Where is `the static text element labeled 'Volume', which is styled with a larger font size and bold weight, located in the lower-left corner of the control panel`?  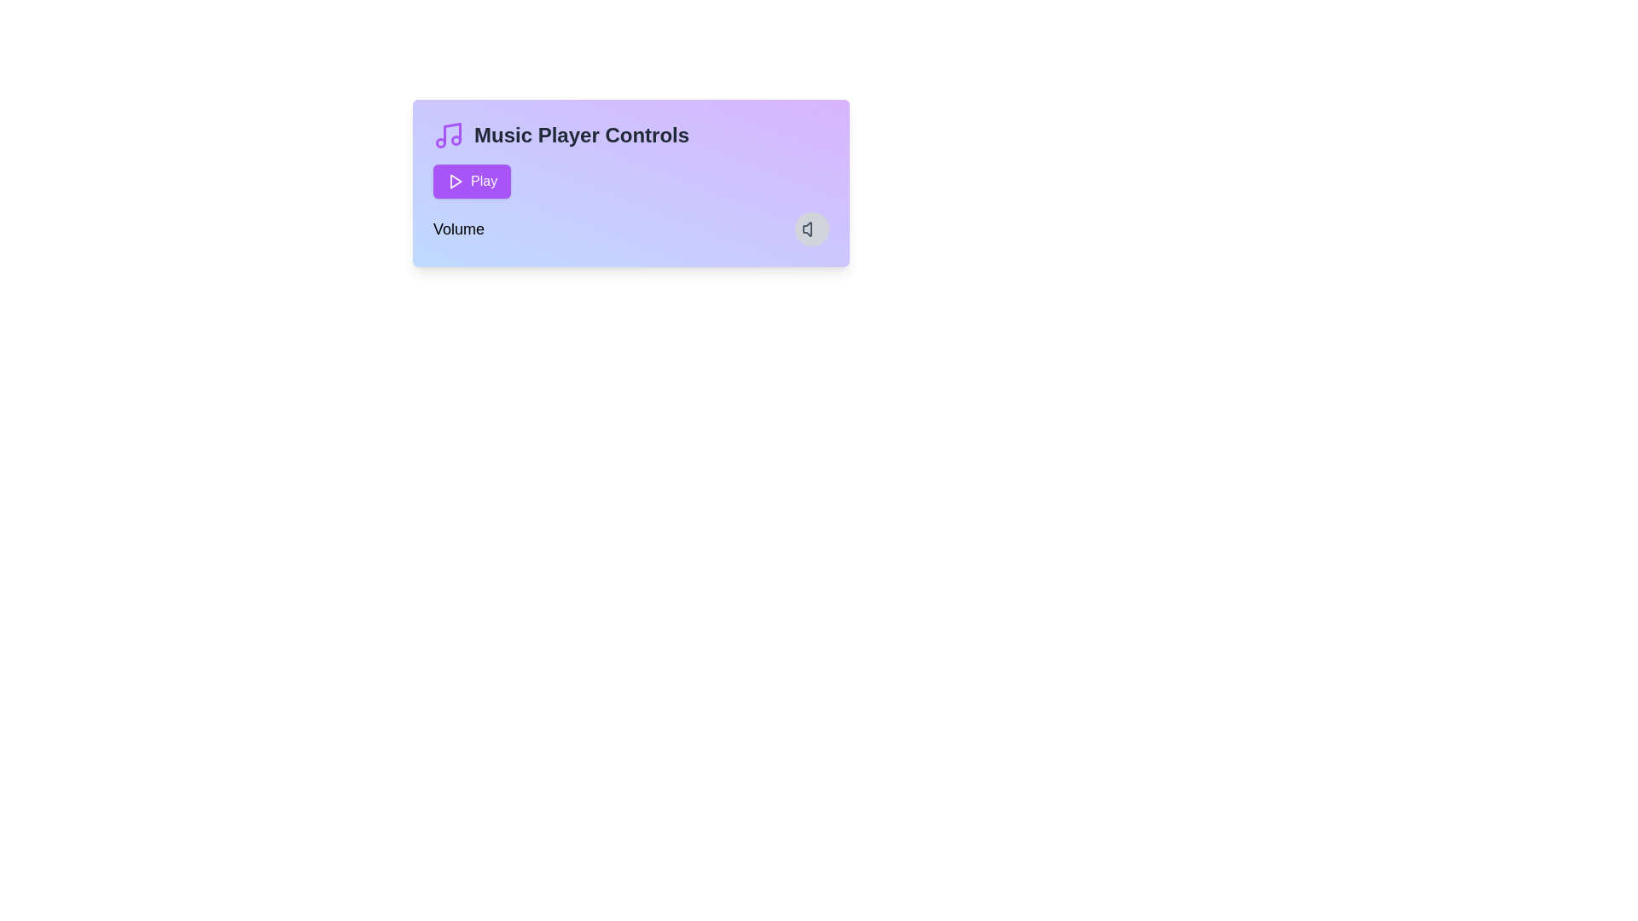 the static text element labeled 'Volume', which is styled with a larger font size and bold weight, located in the lower-left corner of the control panel is located at coordinates (458, 229).